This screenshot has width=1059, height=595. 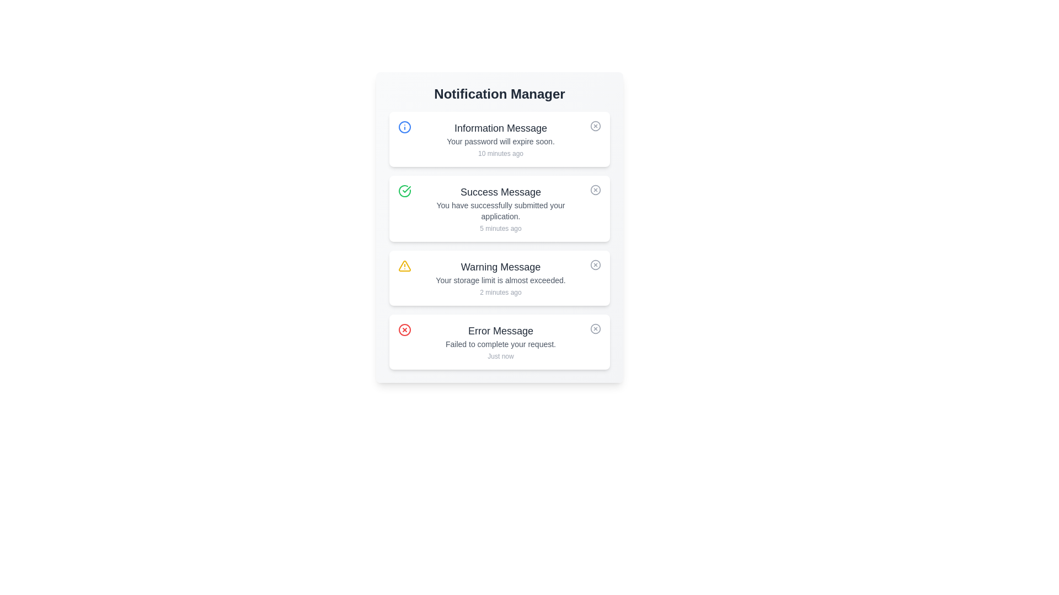 What do you see at coordinates (499, 342) in the screenshot?
I see `the Notification card, which is the fourth item in the vertical list of notifications that displays an error message and timestamp` at bounding box center [499, 342].